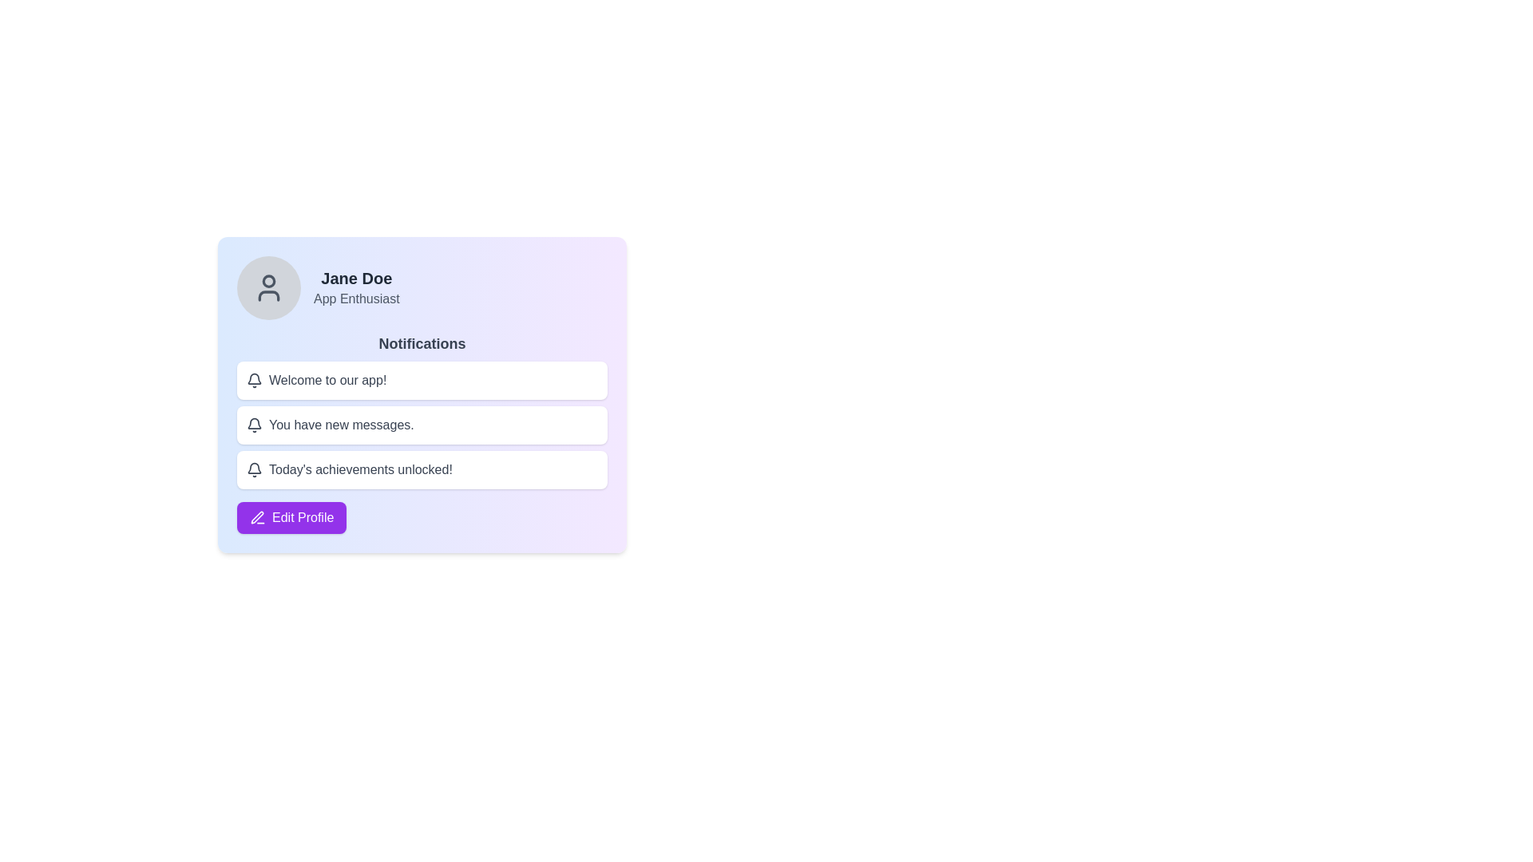  I want to click on the edit profile vector graphic icon located inside the 'Edit Profile' button at the bottom of the user information card, so click(257, 517).